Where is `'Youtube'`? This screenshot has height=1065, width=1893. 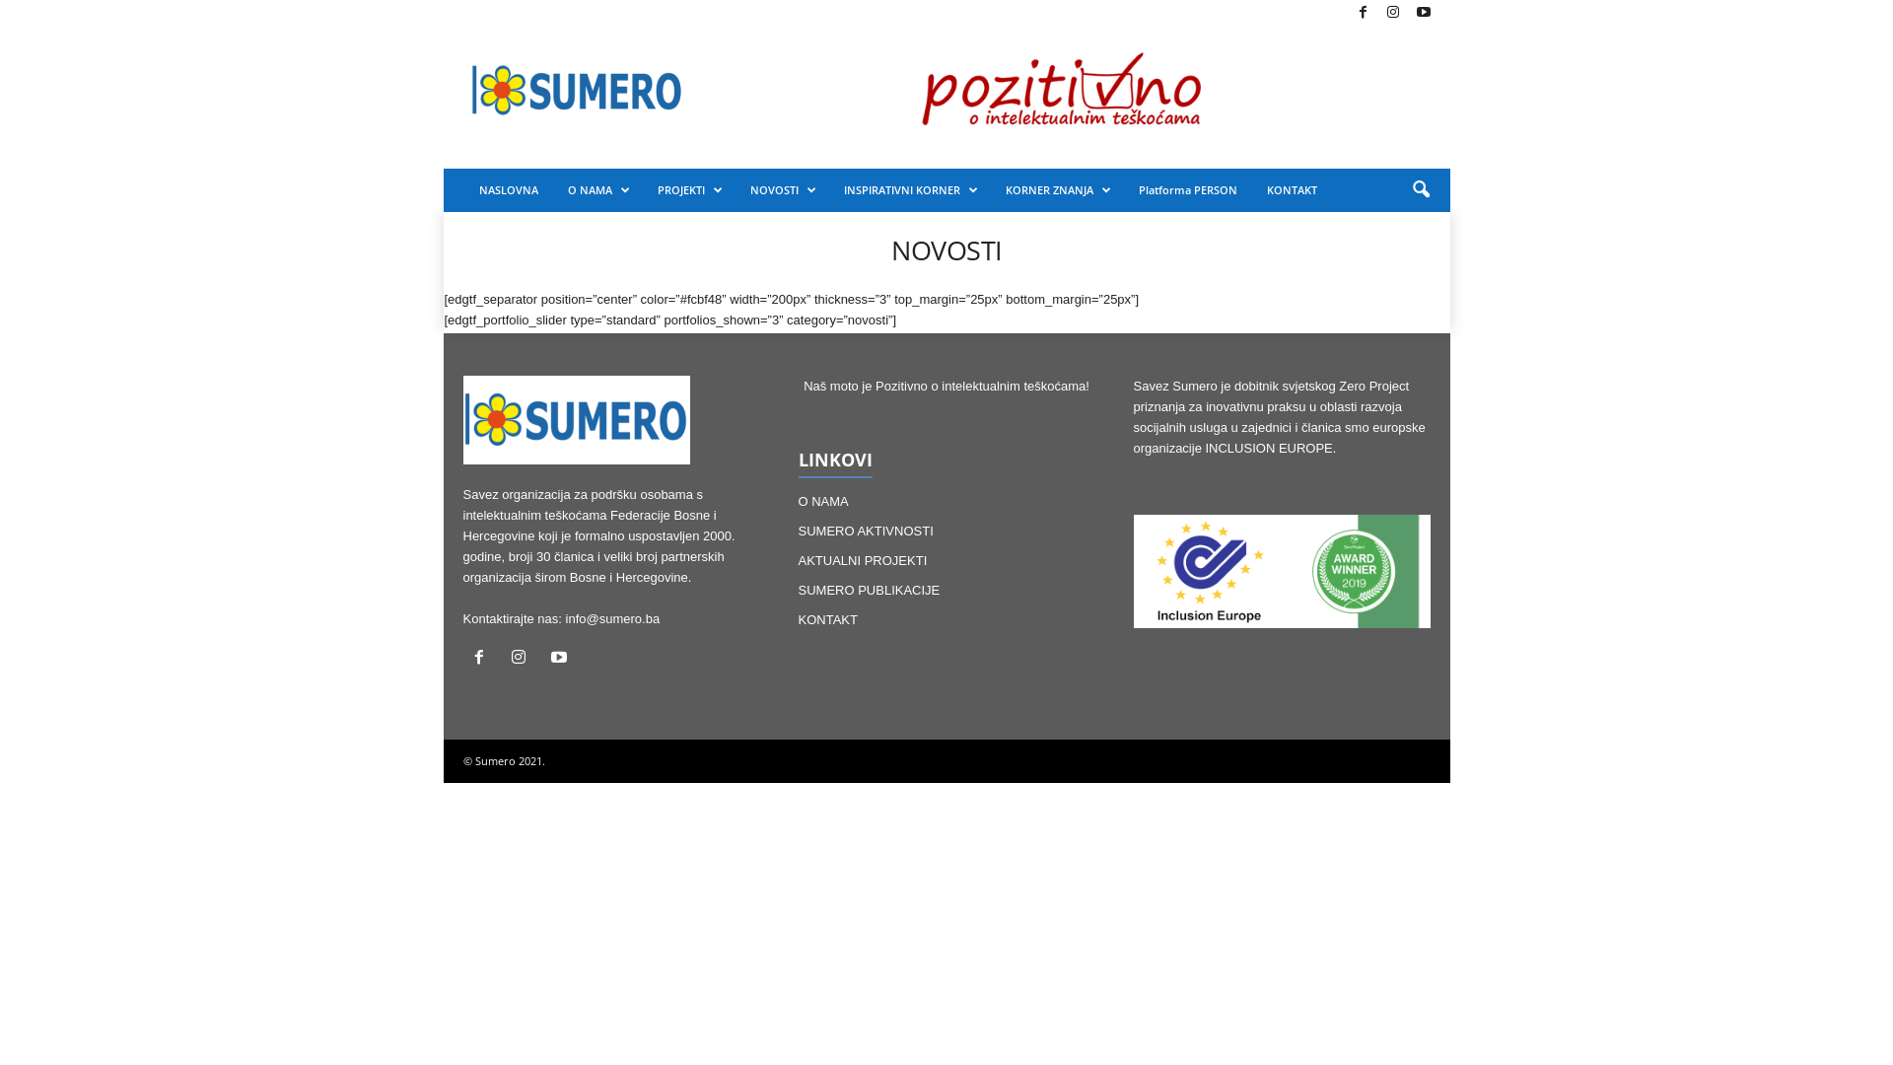 'Youtube' is located at coordinates (1424, 13).